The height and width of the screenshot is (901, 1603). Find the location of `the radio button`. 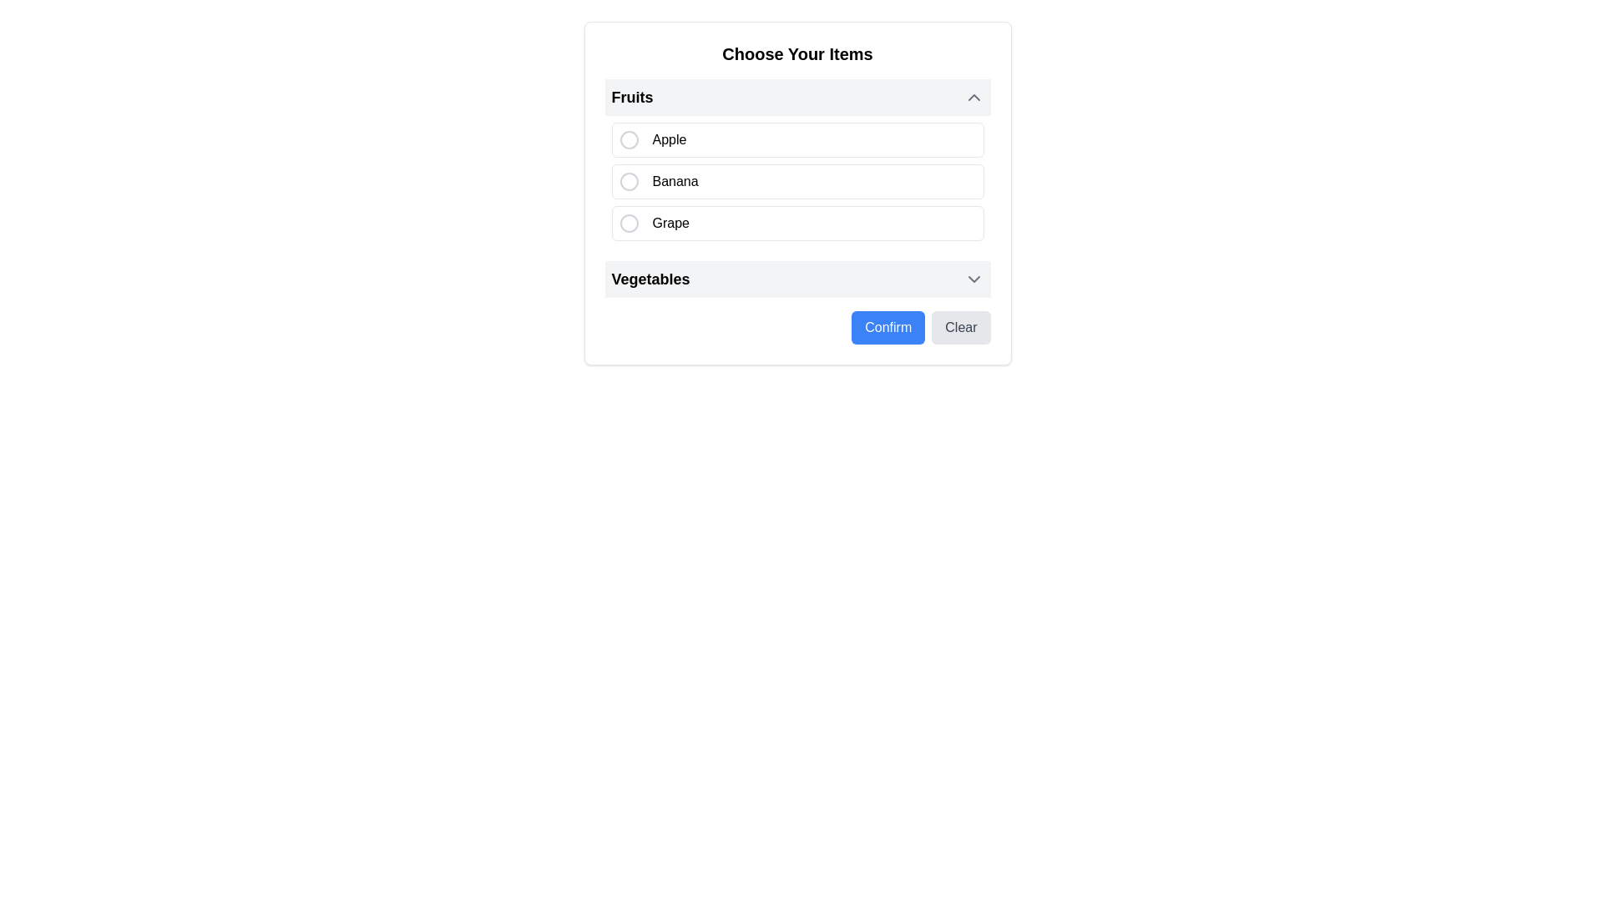

the radio button is located at coordinates (628, 222).